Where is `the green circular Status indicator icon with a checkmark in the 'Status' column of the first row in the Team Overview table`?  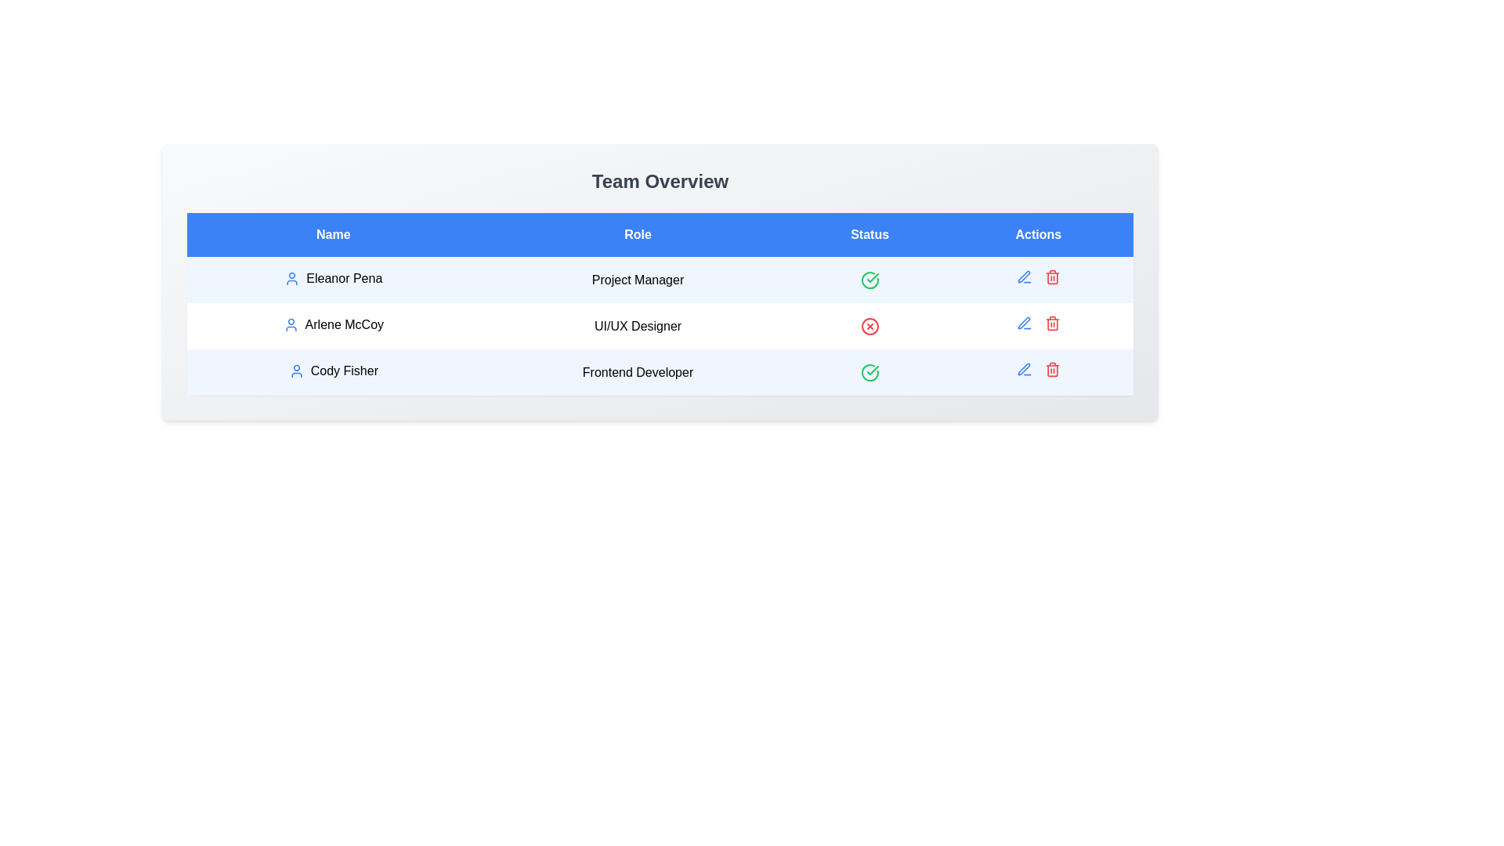 the green circular Status indicator icon with a checkmark in the 'Status' column of the first row in the Team Overview table is located at coordinates (869, 372).